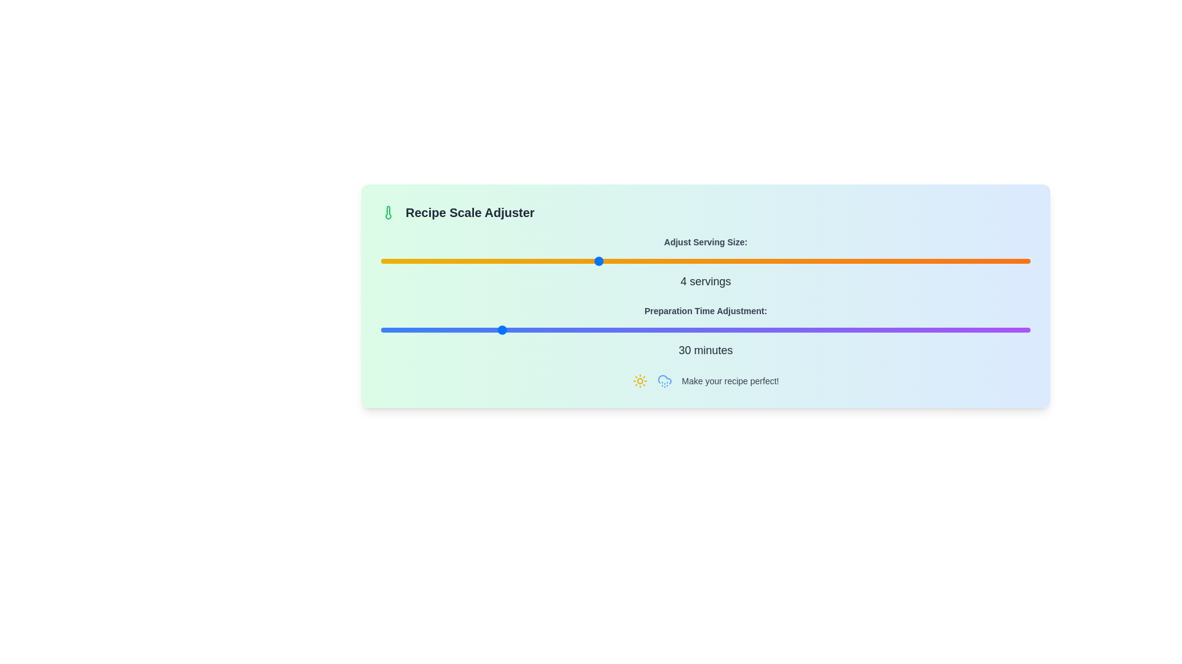 This screenshot has height=664, width=1182. What do you see at coordinates (706, 329) in the screenshot?
I see `the Range Slider located centrally within the 'Preparation Time Adjustment:' section, directly below its label and above the text displaying '30 minutes'` at bounding box center [706, 329].